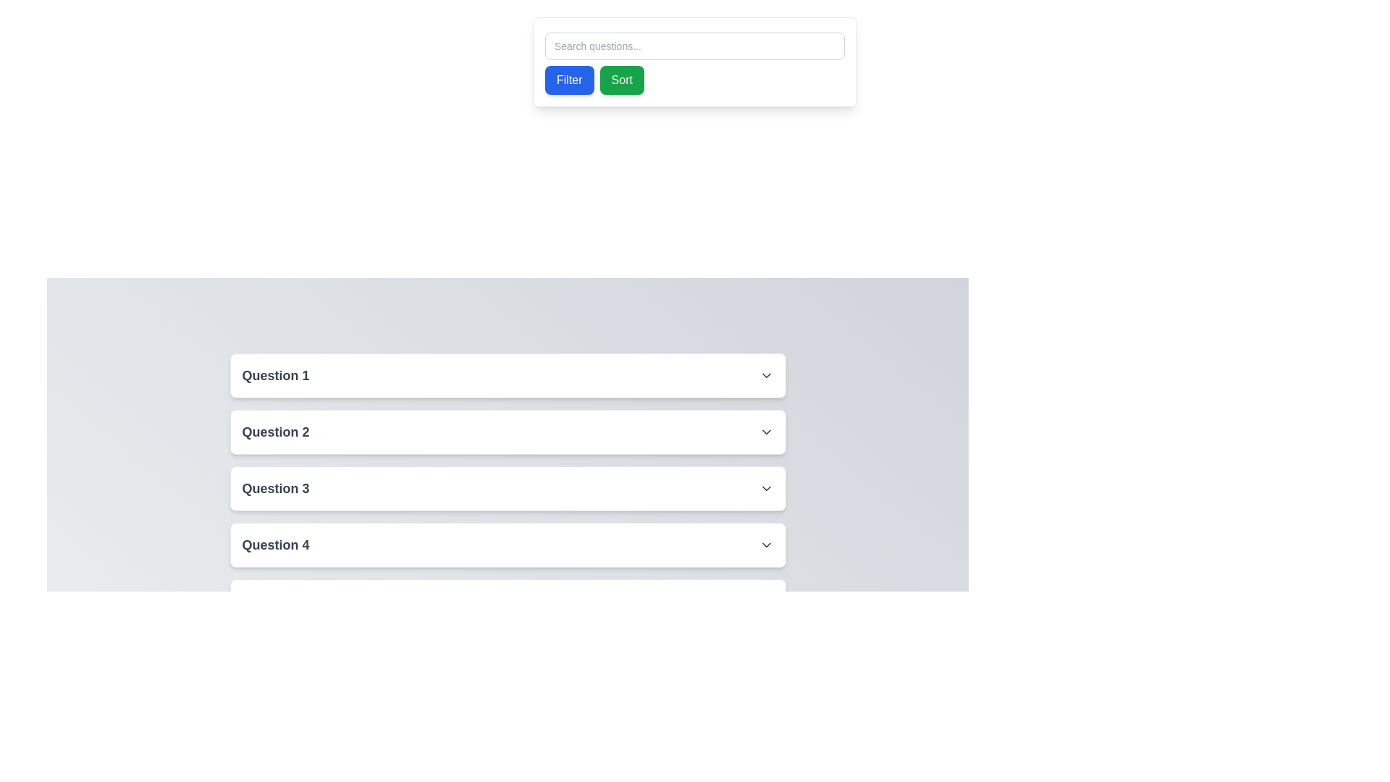 The width and height of the screenshot is (1390, 782). I want to click on the 'Question 3' Expandable List Item, so click(507, 489).